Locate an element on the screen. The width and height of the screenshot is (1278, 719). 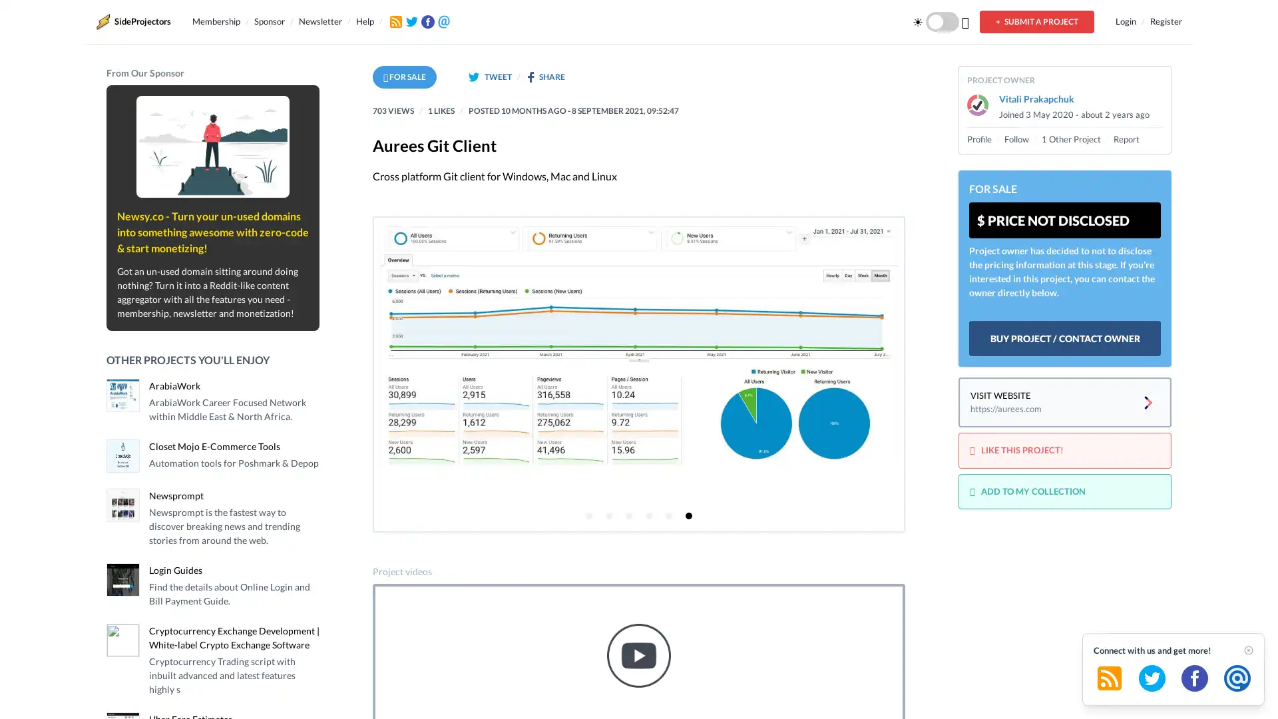
Next page is located at coordinates (904, 374).